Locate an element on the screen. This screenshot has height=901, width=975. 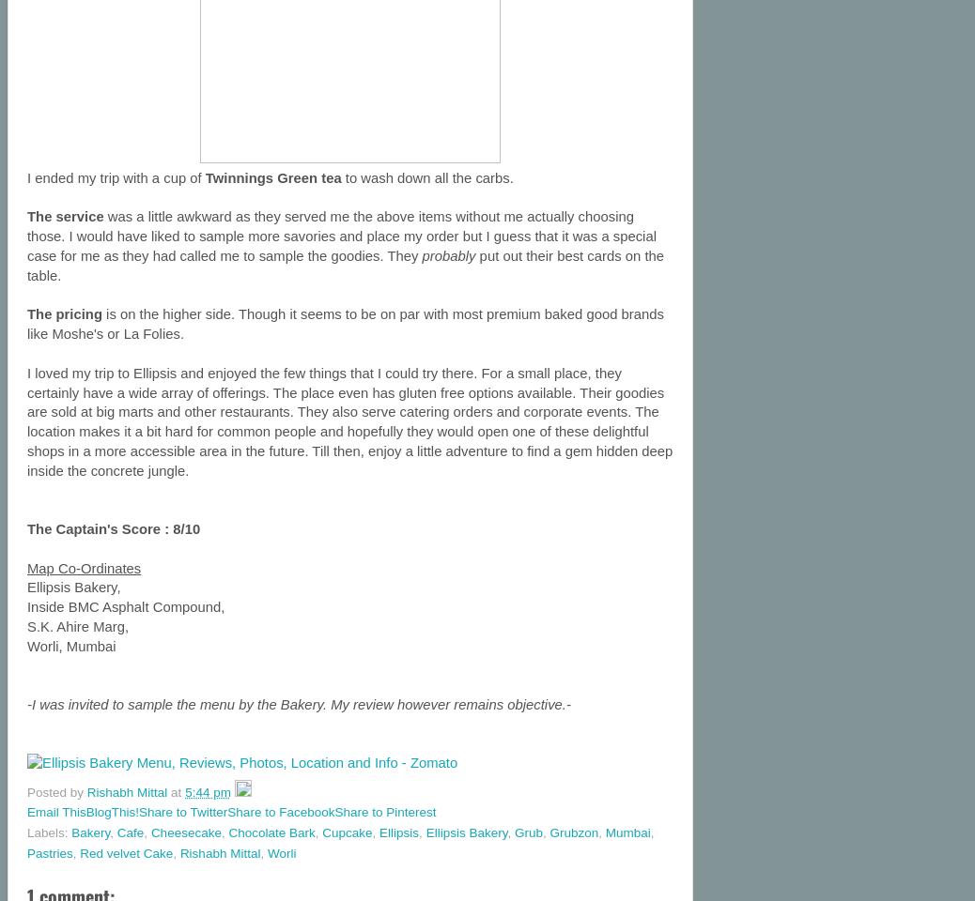
'Cafe' is located at coordinates (116, 832).